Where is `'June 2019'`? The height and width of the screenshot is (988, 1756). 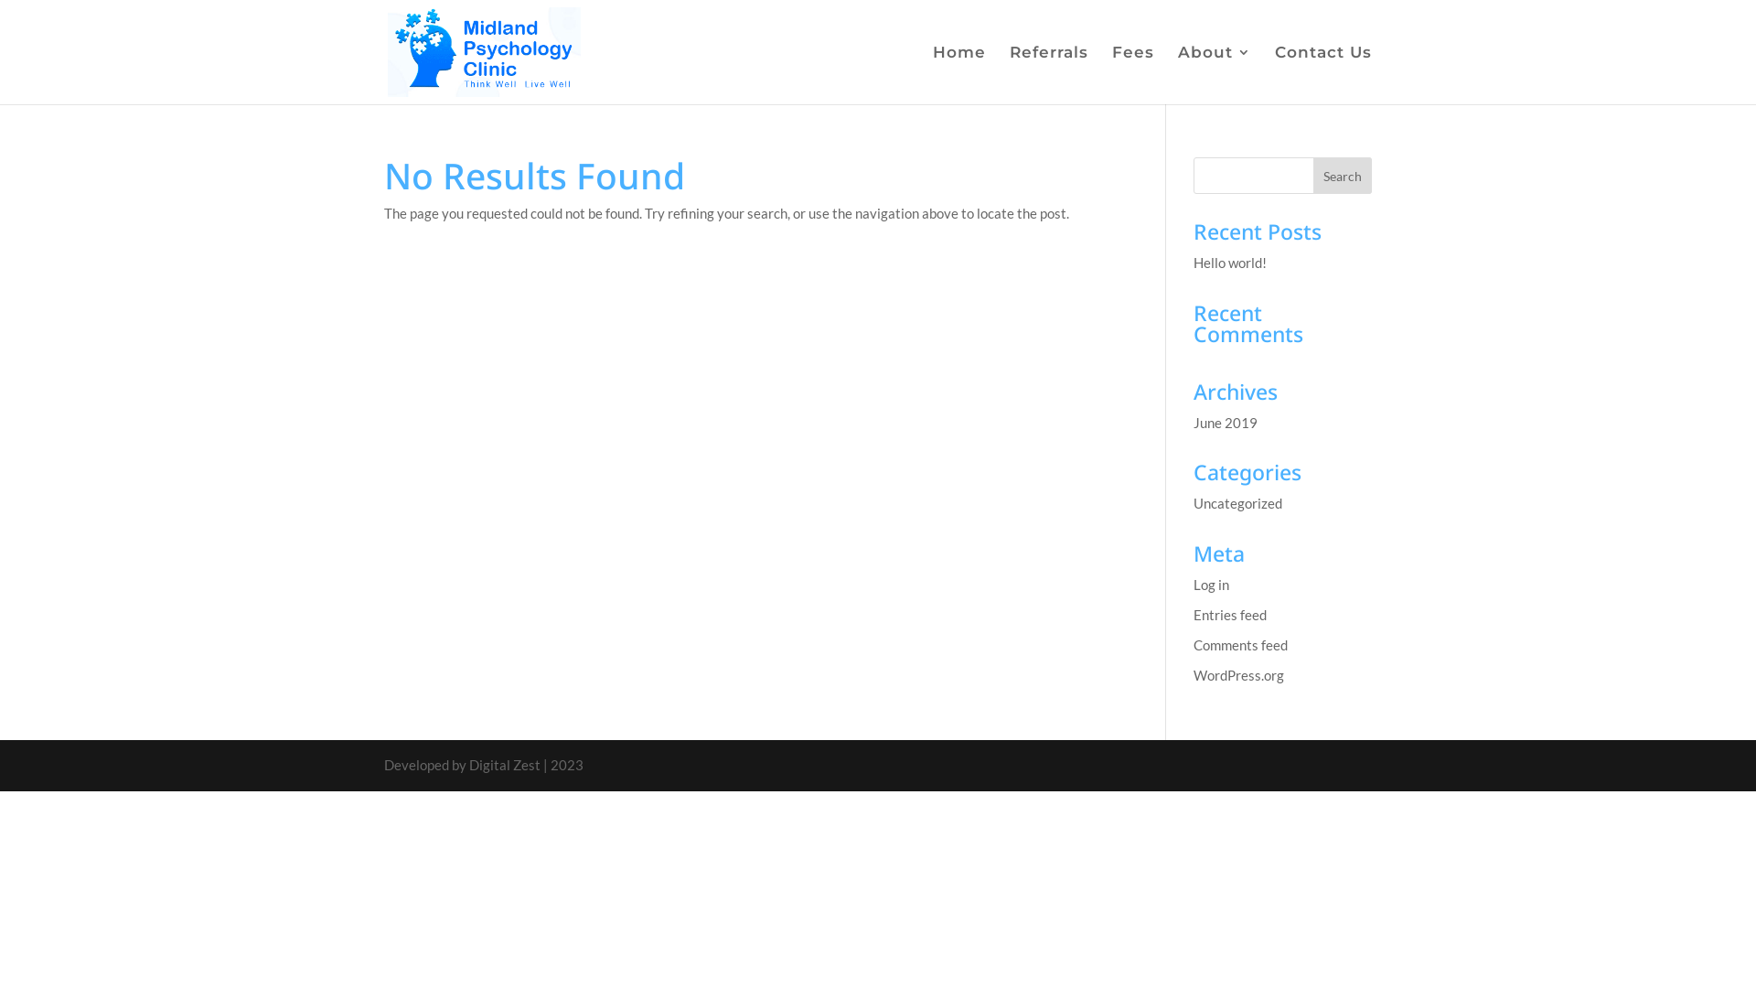 'June 2019' is located at coordinates (1225, 422).